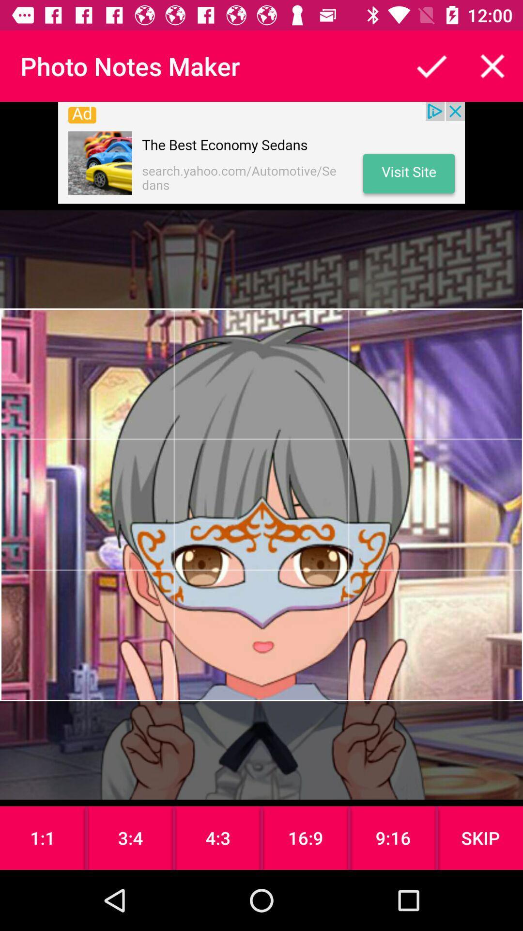 This screenshot has height=931, width=523. I want to click on ok, so click(431, 65).